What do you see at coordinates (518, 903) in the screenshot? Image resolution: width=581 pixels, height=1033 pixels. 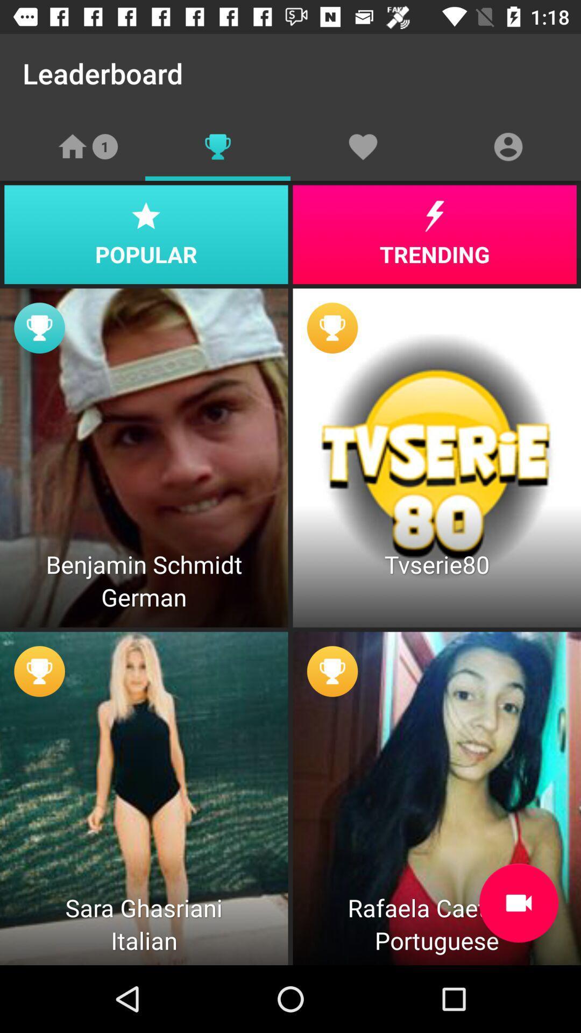 I see `see video` at bounding box center [518, 903].